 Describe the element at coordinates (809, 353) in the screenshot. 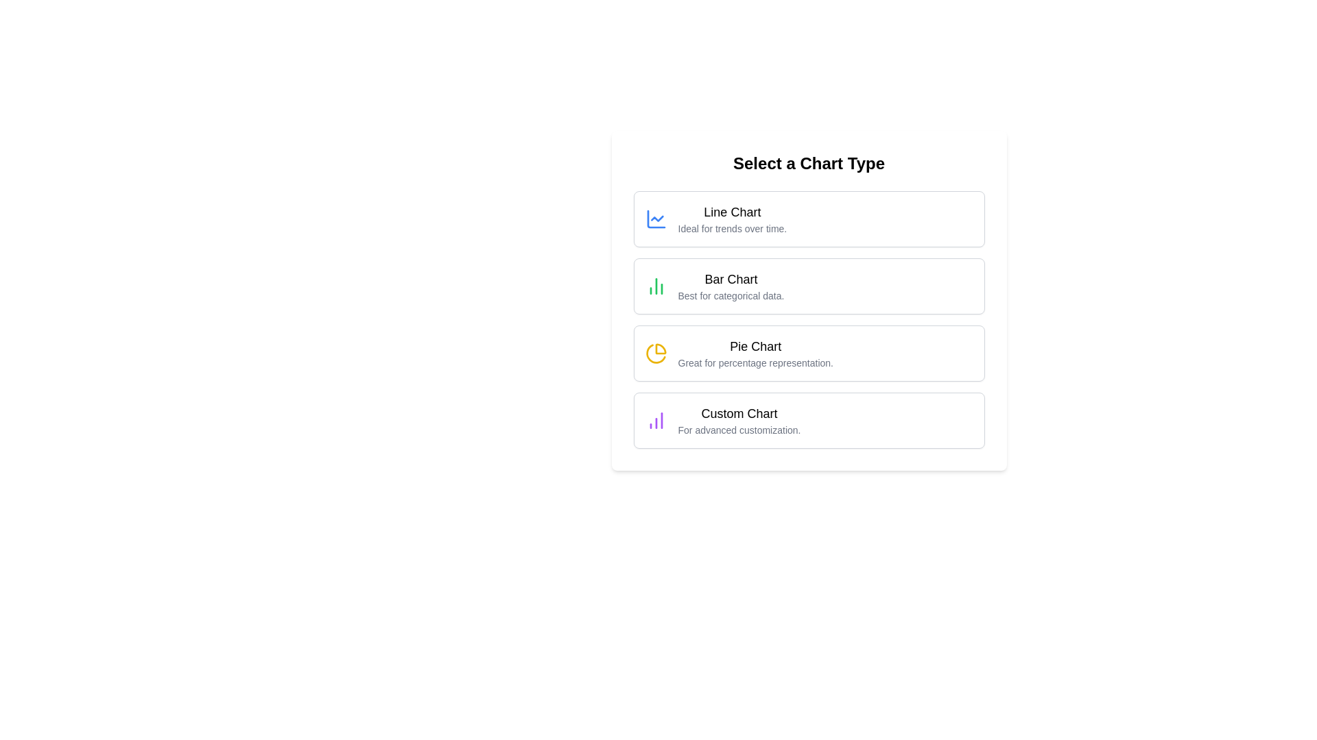

I see `the button-like option panel featuring a yellow pie chart icon and the text 'Pie Chart'` at that location.